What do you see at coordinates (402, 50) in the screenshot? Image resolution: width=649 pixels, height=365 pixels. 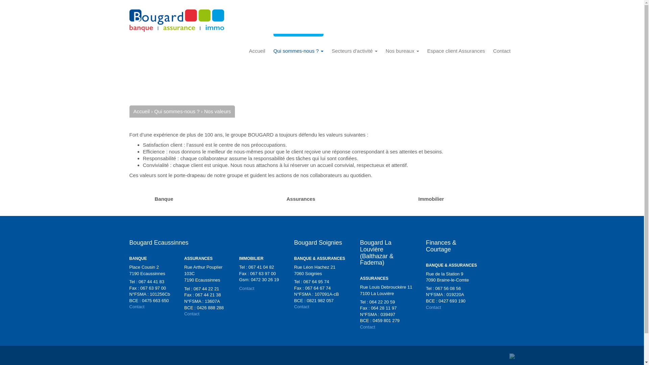 I see `'Nos bureaux'` at bounding box center [402, 50].